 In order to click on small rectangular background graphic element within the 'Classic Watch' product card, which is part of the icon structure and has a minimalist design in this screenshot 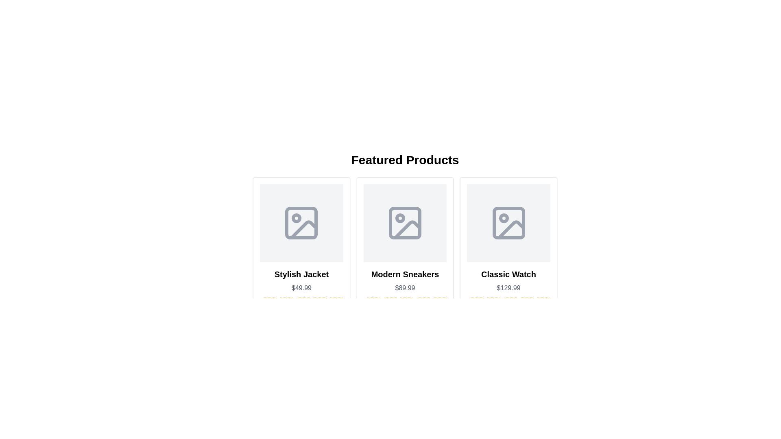, I will do `click(508, 223)`.